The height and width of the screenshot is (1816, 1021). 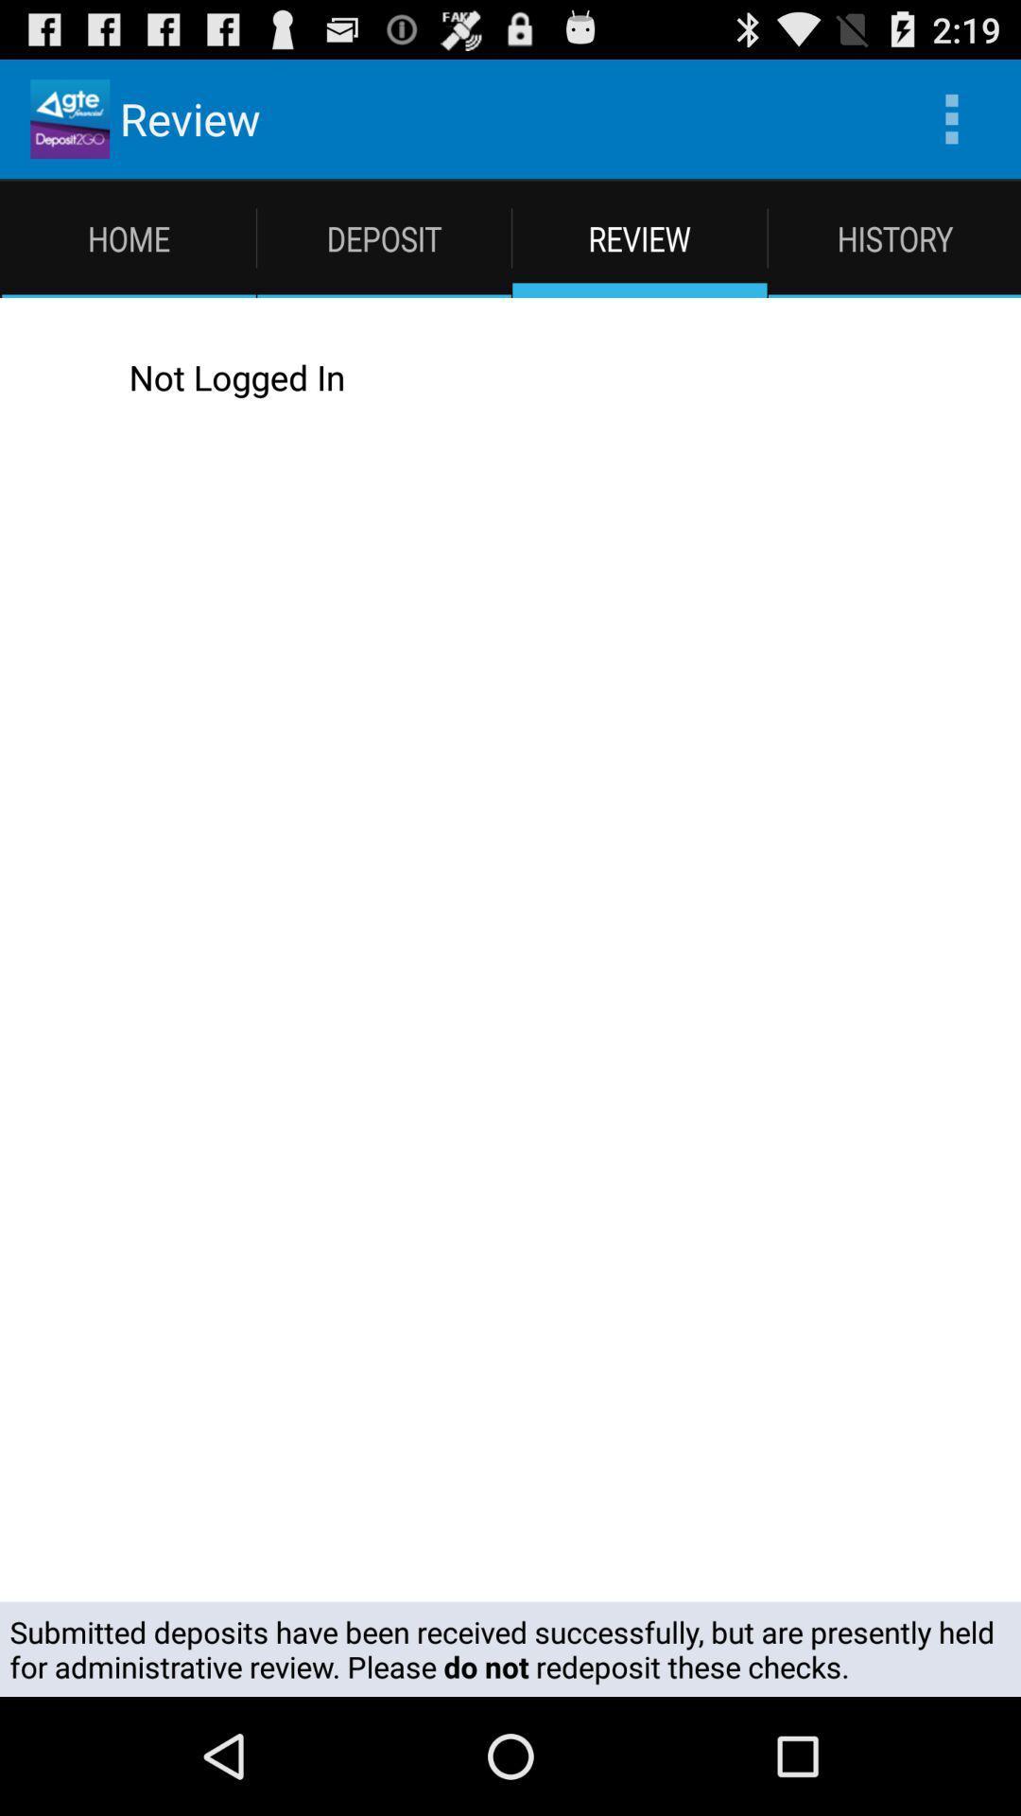 I want to click on the not logged in, so click(x=529, y=376).